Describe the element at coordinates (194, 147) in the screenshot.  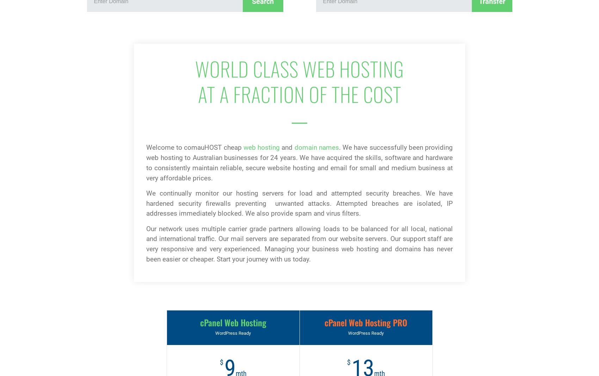
I see `'Welcome to comauHOST cheap'` at that location.